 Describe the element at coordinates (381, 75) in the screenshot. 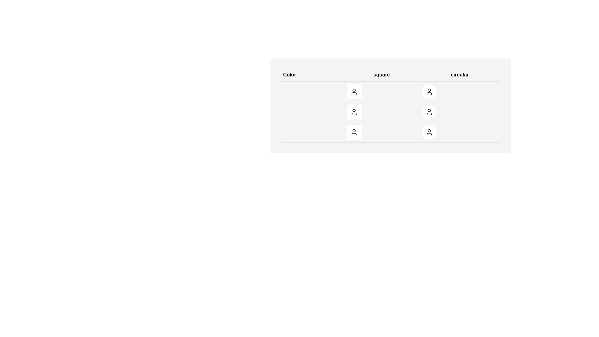

I see `the text label displaying the word 'square', which is centrally positioned between the labels 'Color' and 'circular' and features a bold text style` at that location.